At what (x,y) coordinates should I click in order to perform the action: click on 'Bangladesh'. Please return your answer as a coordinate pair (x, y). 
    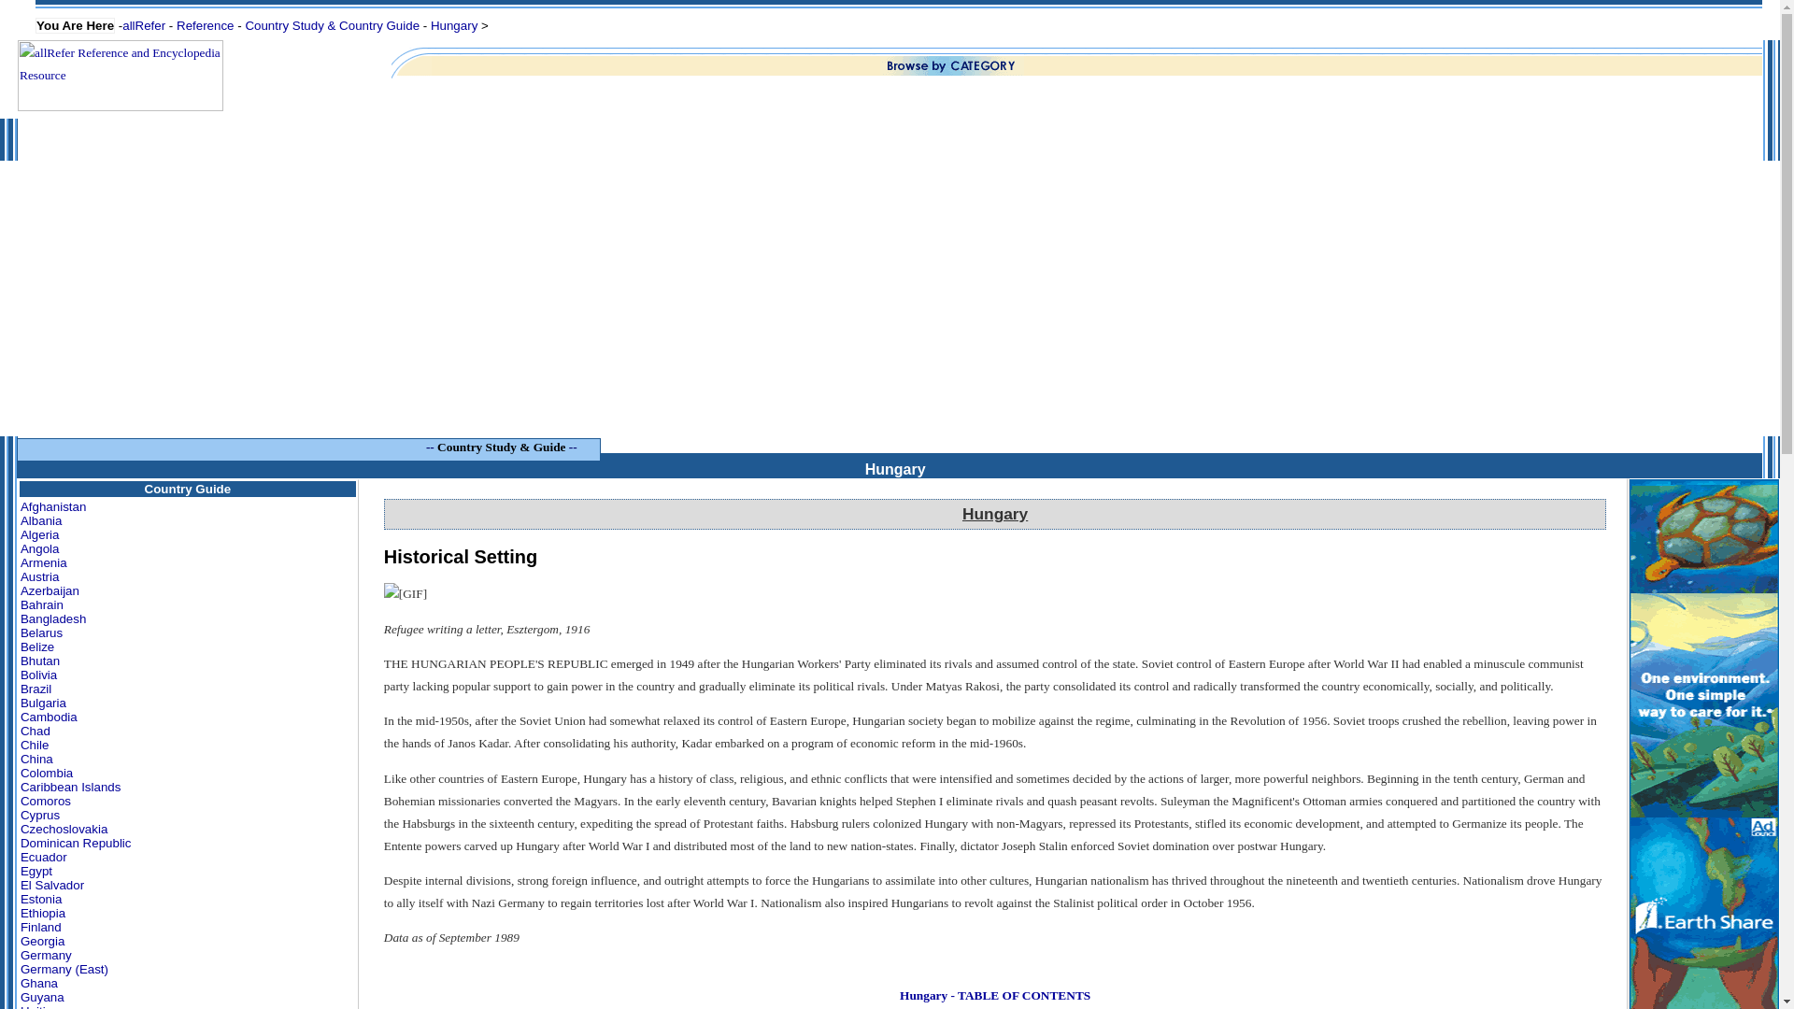
    Looking at the image, I should click on (53, 618).